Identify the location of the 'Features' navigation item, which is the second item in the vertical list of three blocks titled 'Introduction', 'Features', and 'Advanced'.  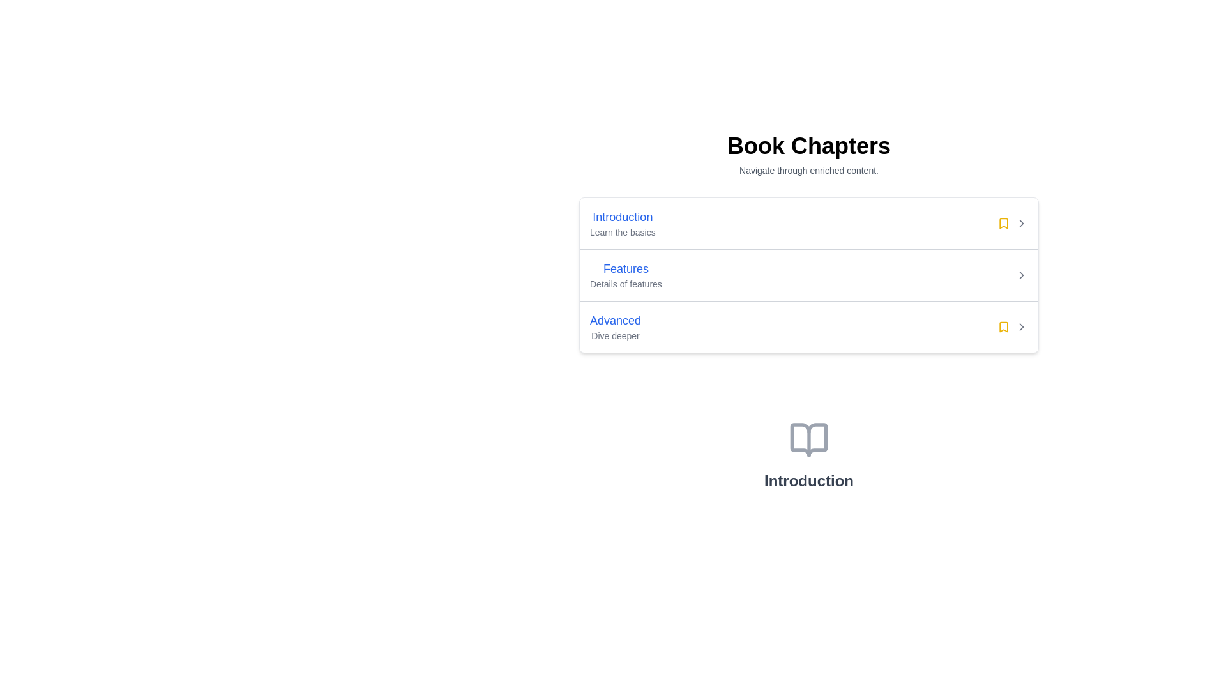
(808, 273).